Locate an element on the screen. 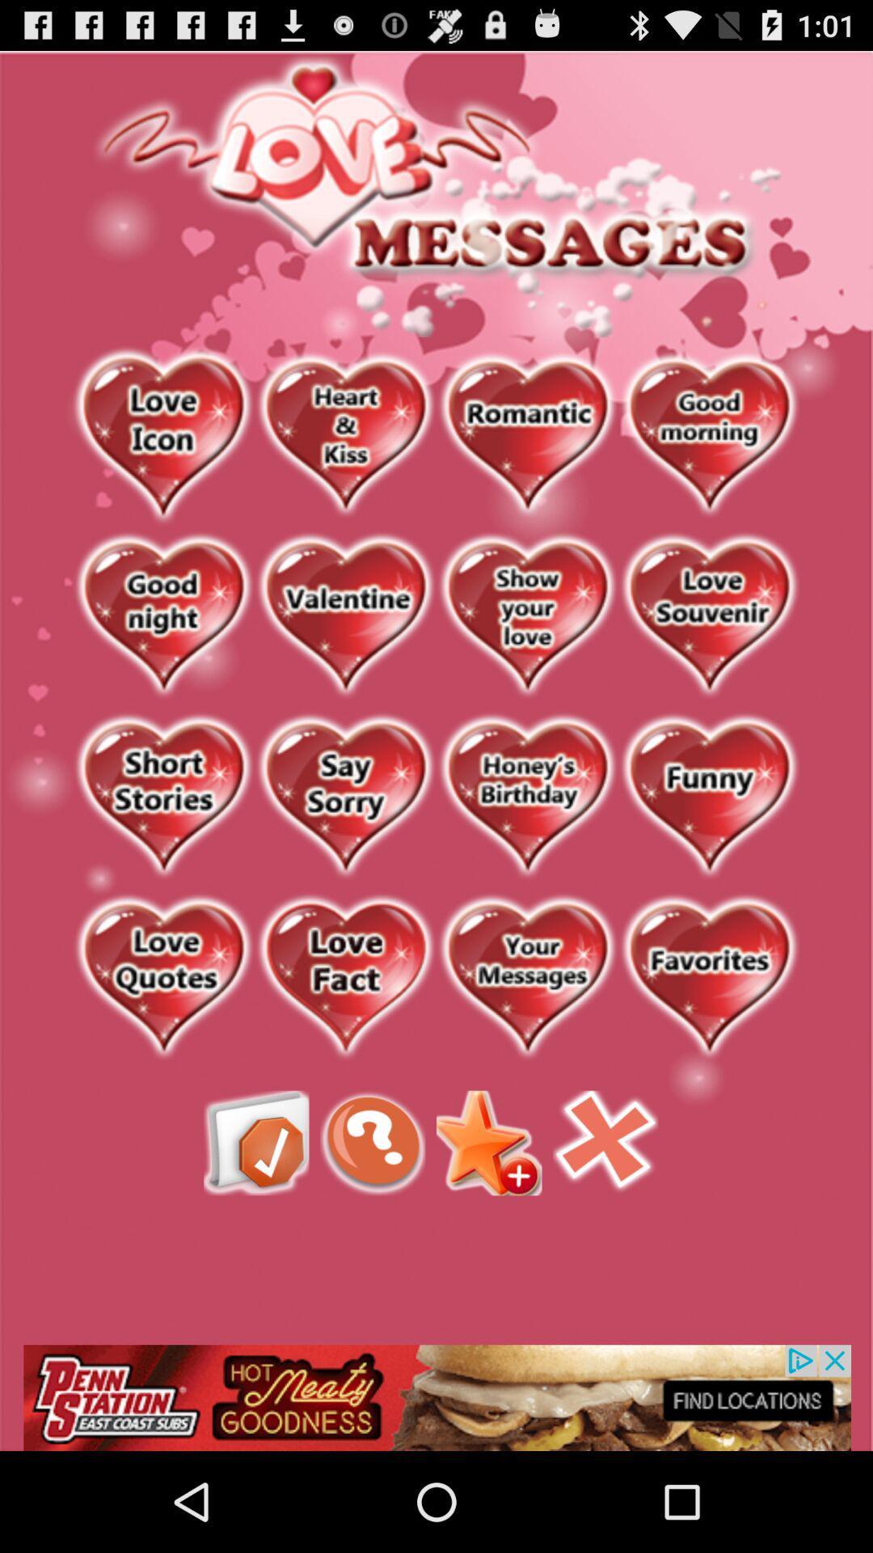 The image size is (873, 1553). closes the app is located at coordinates (605, 1142).